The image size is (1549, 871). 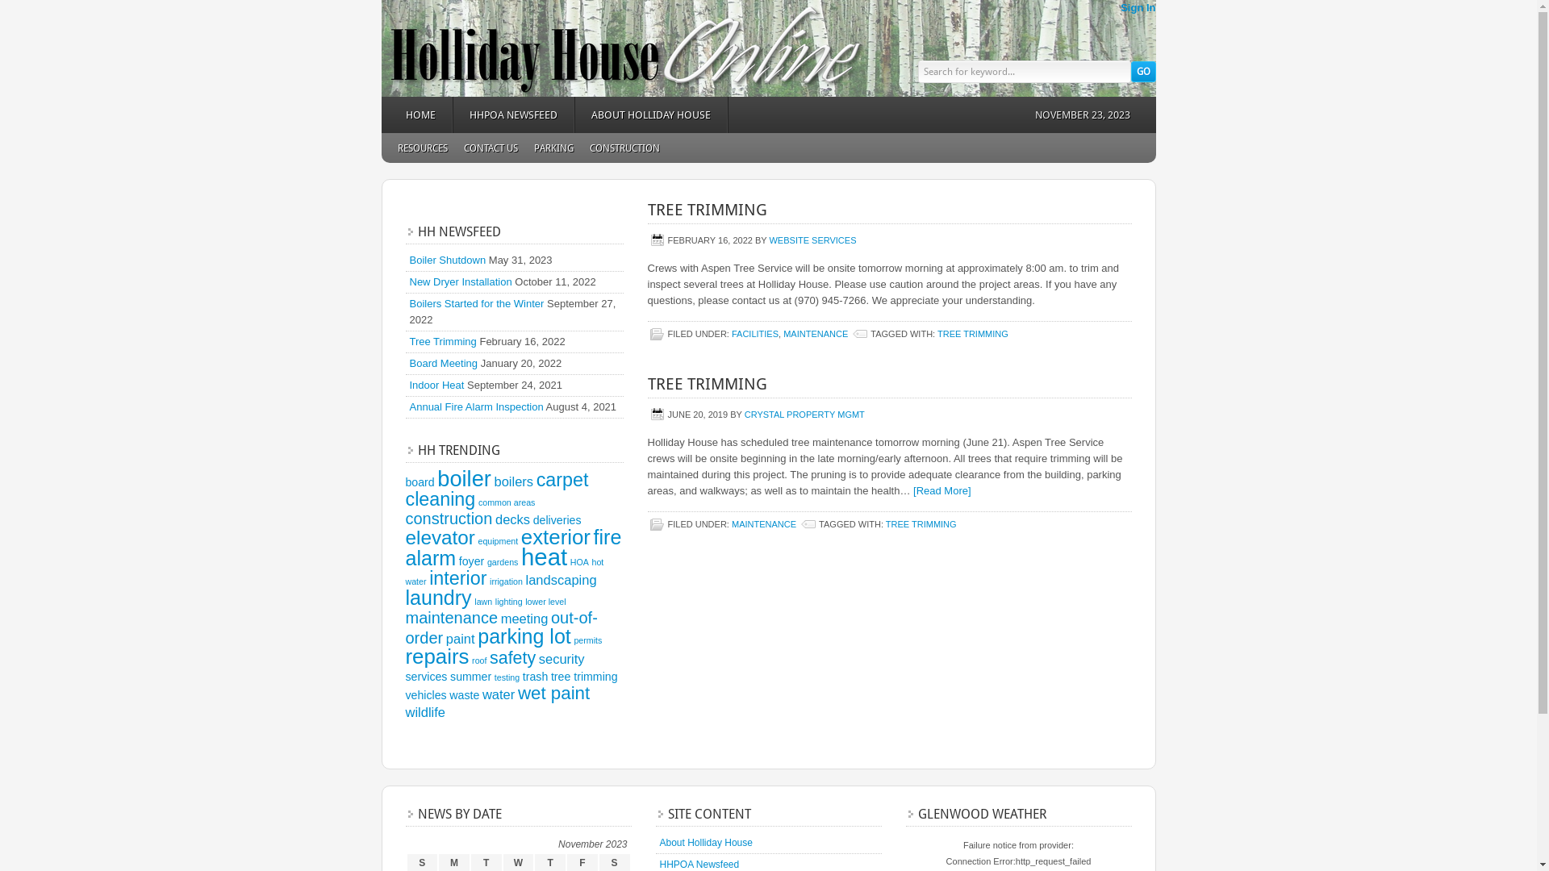 What do you see at coordinates (556, 537) in the screenshot?
I see `'exterior'` at bounding box center [556, 537].